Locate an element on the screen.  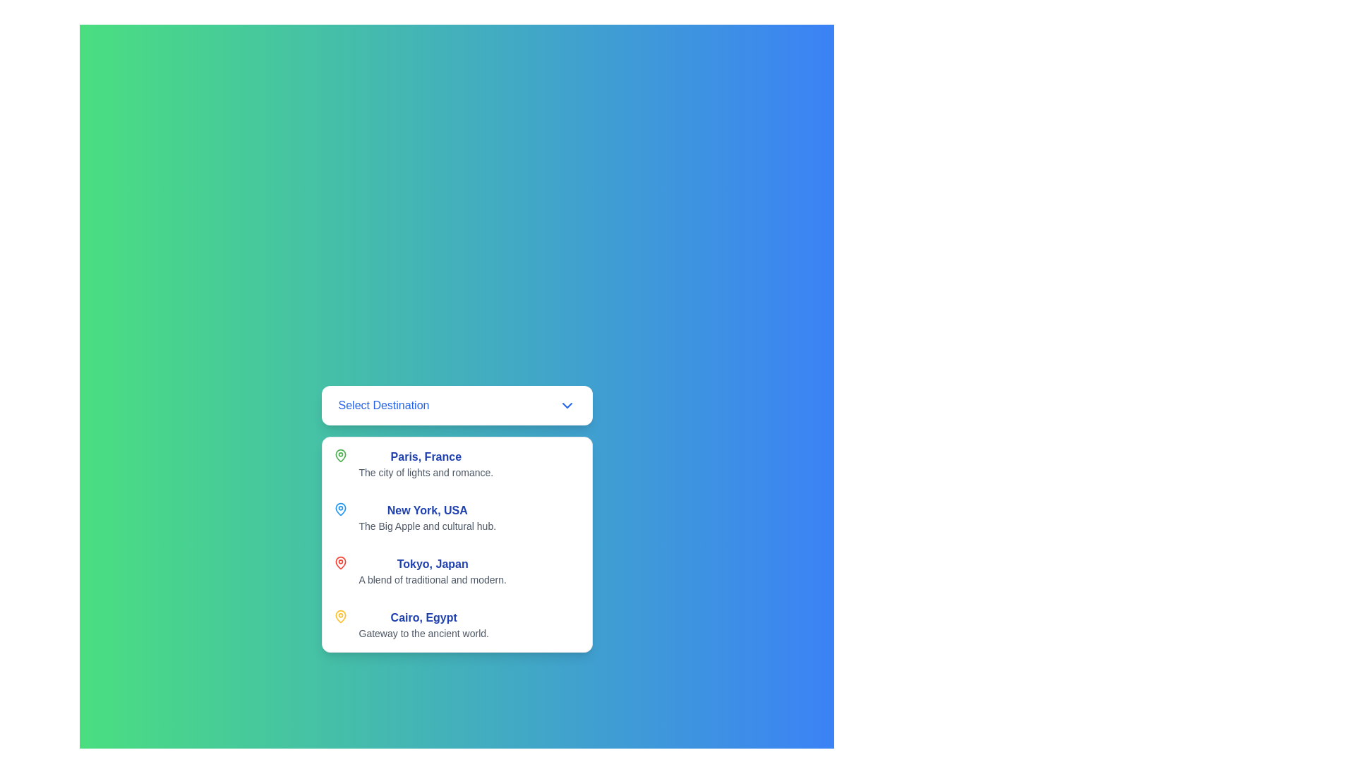
the geographical location marker icon associated with 'Tokyo, Japan' by moving the cursor to its center point is located at coordinates (340, 562).